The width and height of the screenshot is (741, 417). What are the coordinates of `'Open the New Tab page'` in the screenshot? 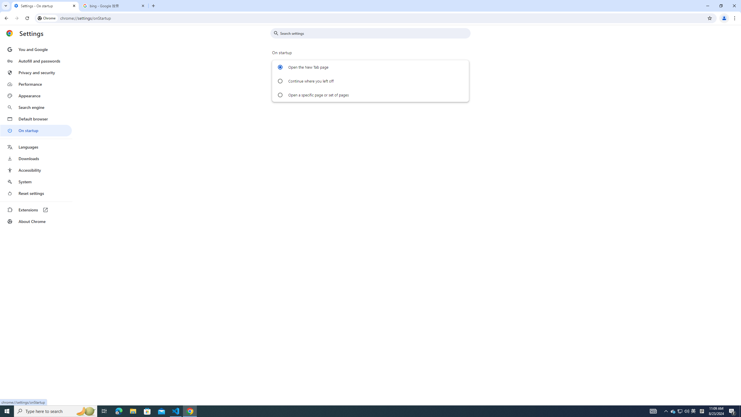 It's located at (280, 67).